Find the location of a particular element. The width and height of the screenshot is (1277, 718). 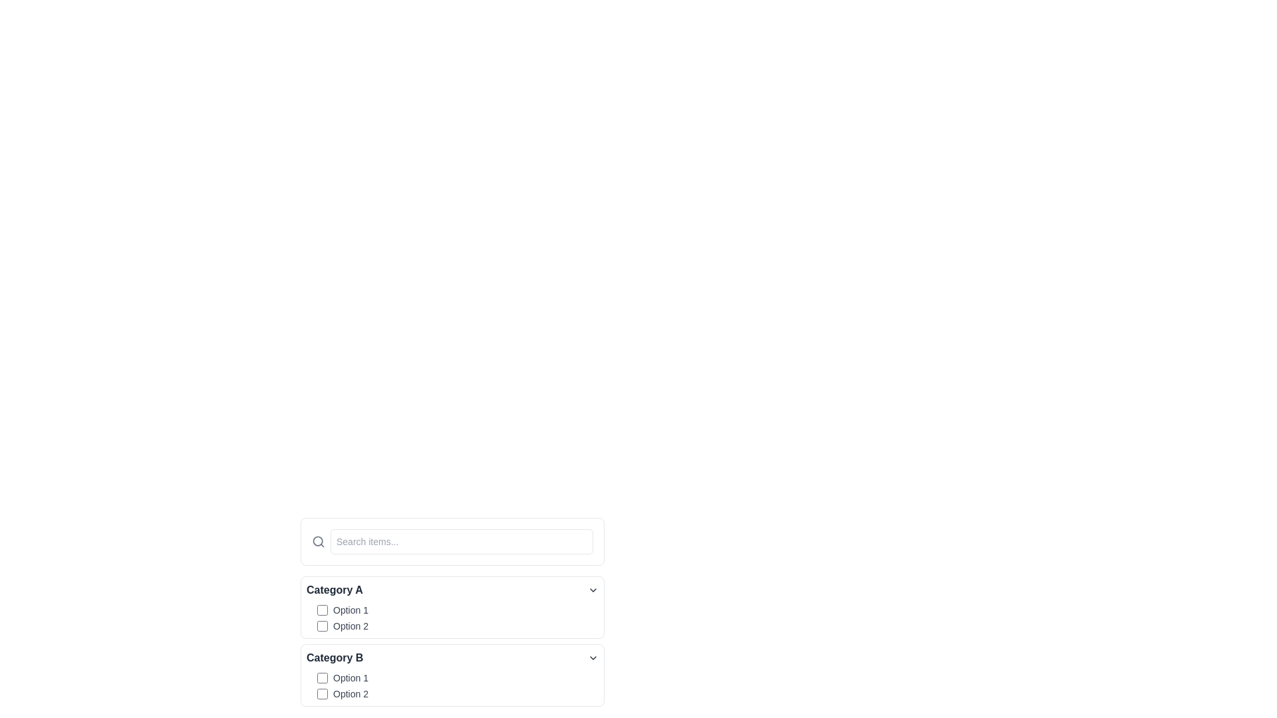

the category title in the categorized selection panel is located at coordinates (452, 608).